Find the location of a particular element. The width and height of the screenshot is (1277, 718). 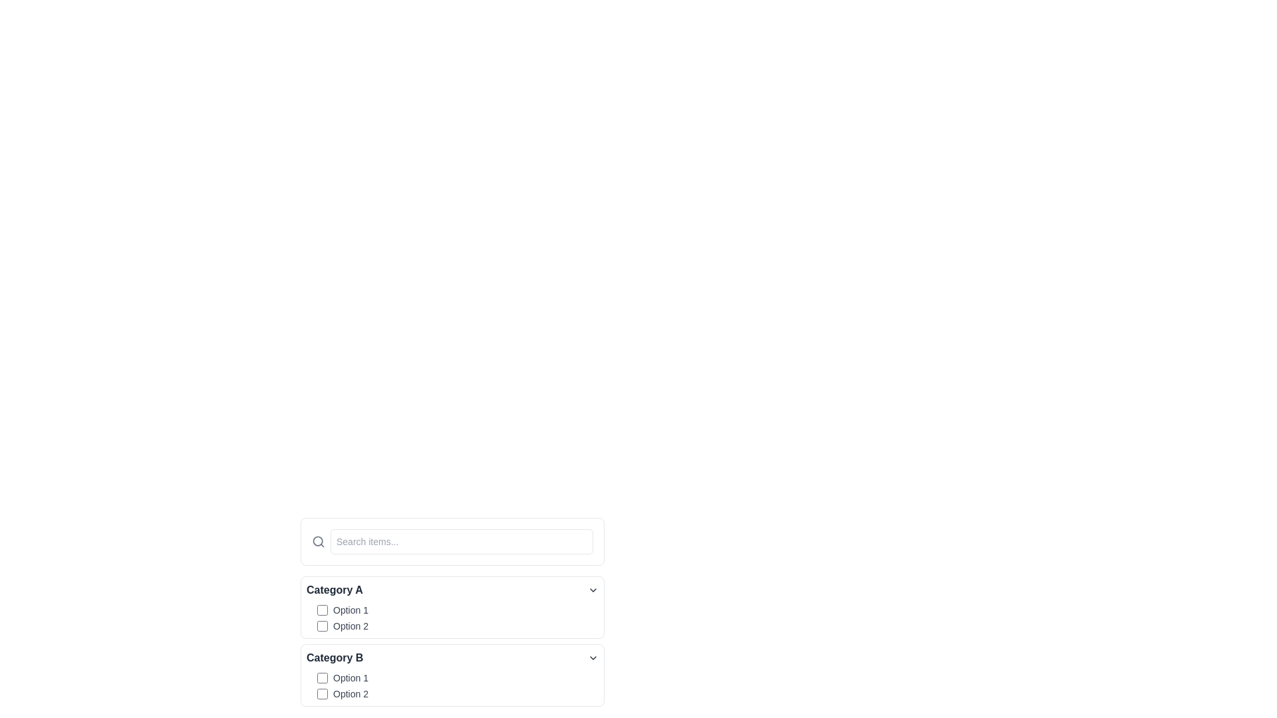

the category title in the categorized selection panel is located at coordinates (452, 608).